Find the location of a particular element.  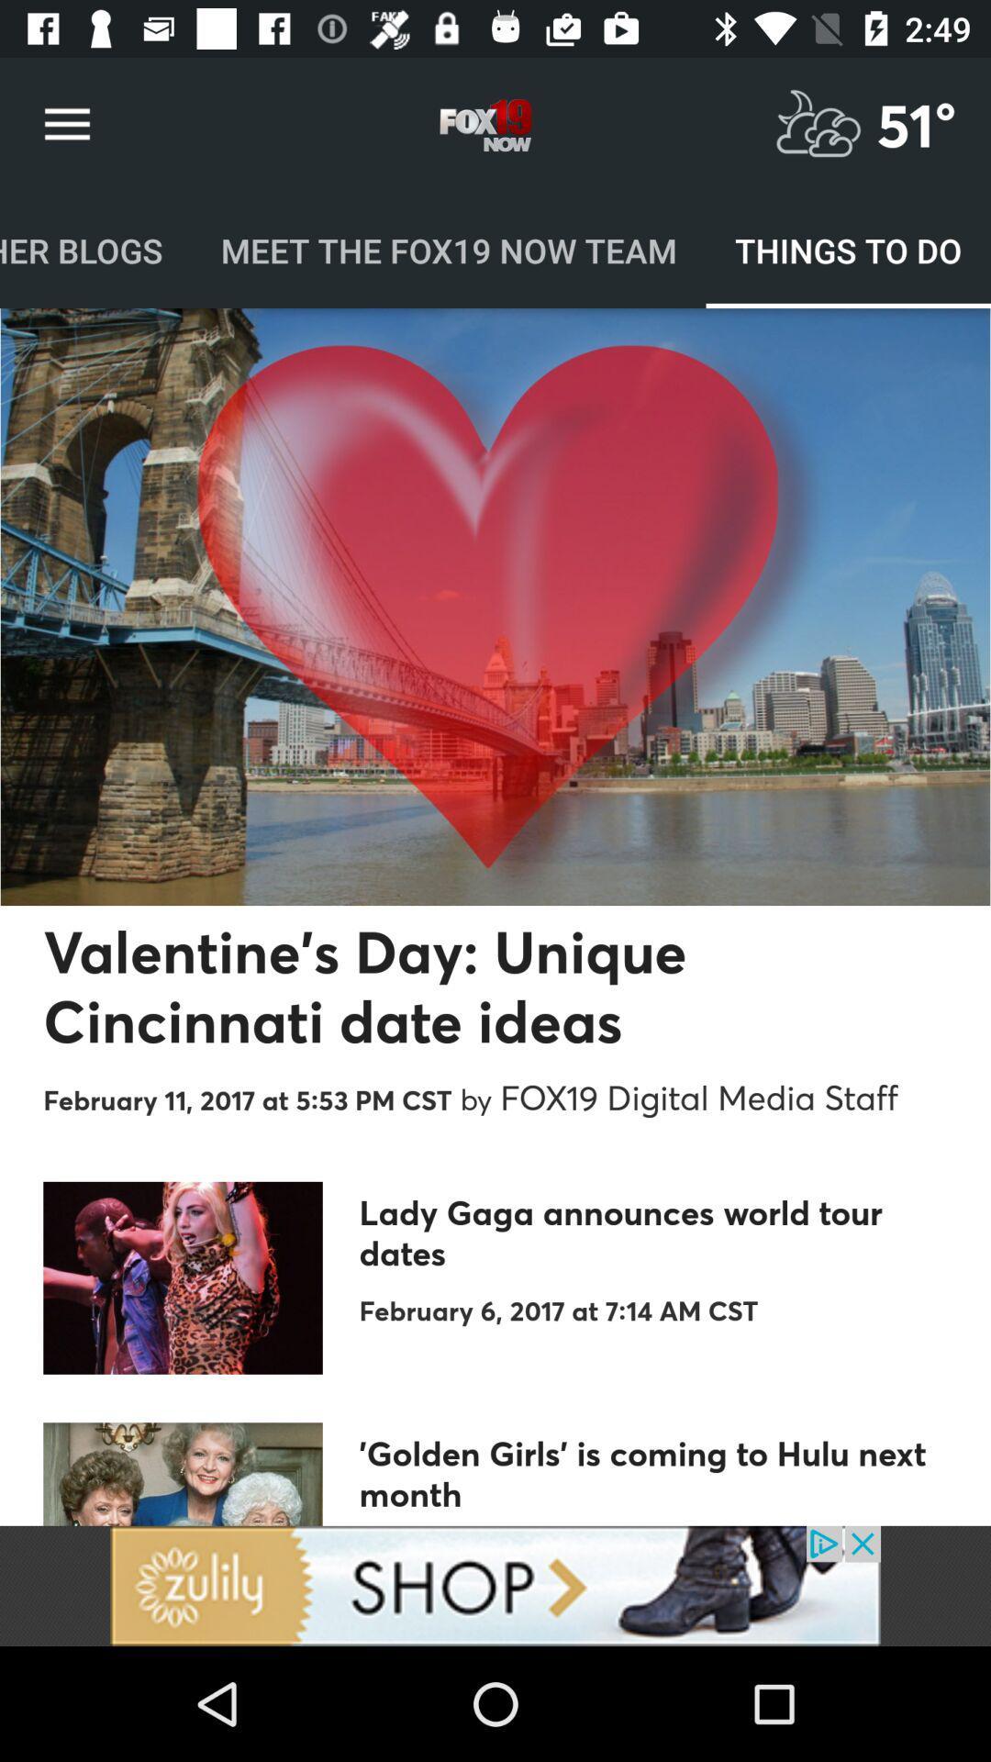

current conditions is located at coordinates (818, 124).